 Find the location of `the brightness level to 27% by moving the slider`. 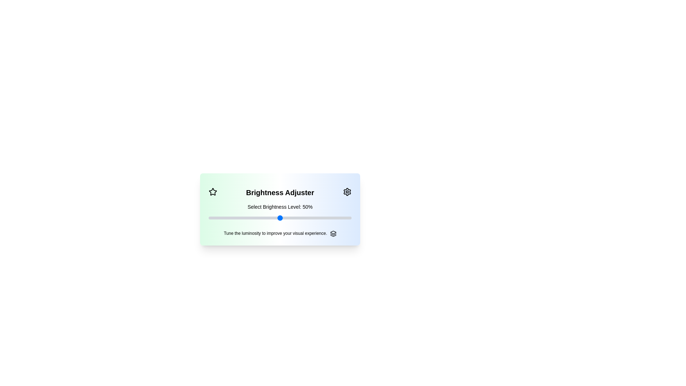

the brightness level to 27% by moving the slider is located at coordinates (247, 217).